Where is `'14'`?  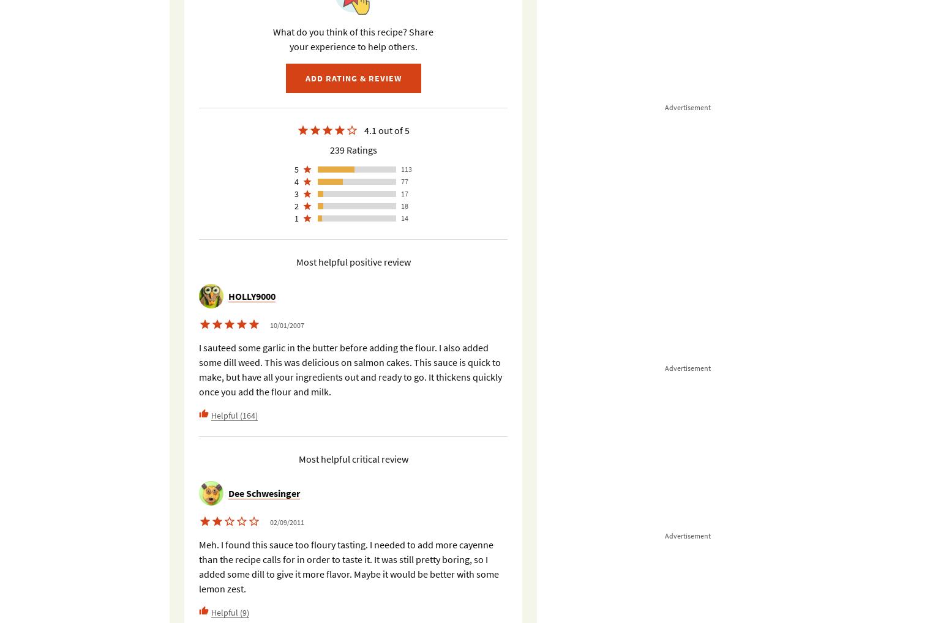
'14' is located at coordinates (403, 217).